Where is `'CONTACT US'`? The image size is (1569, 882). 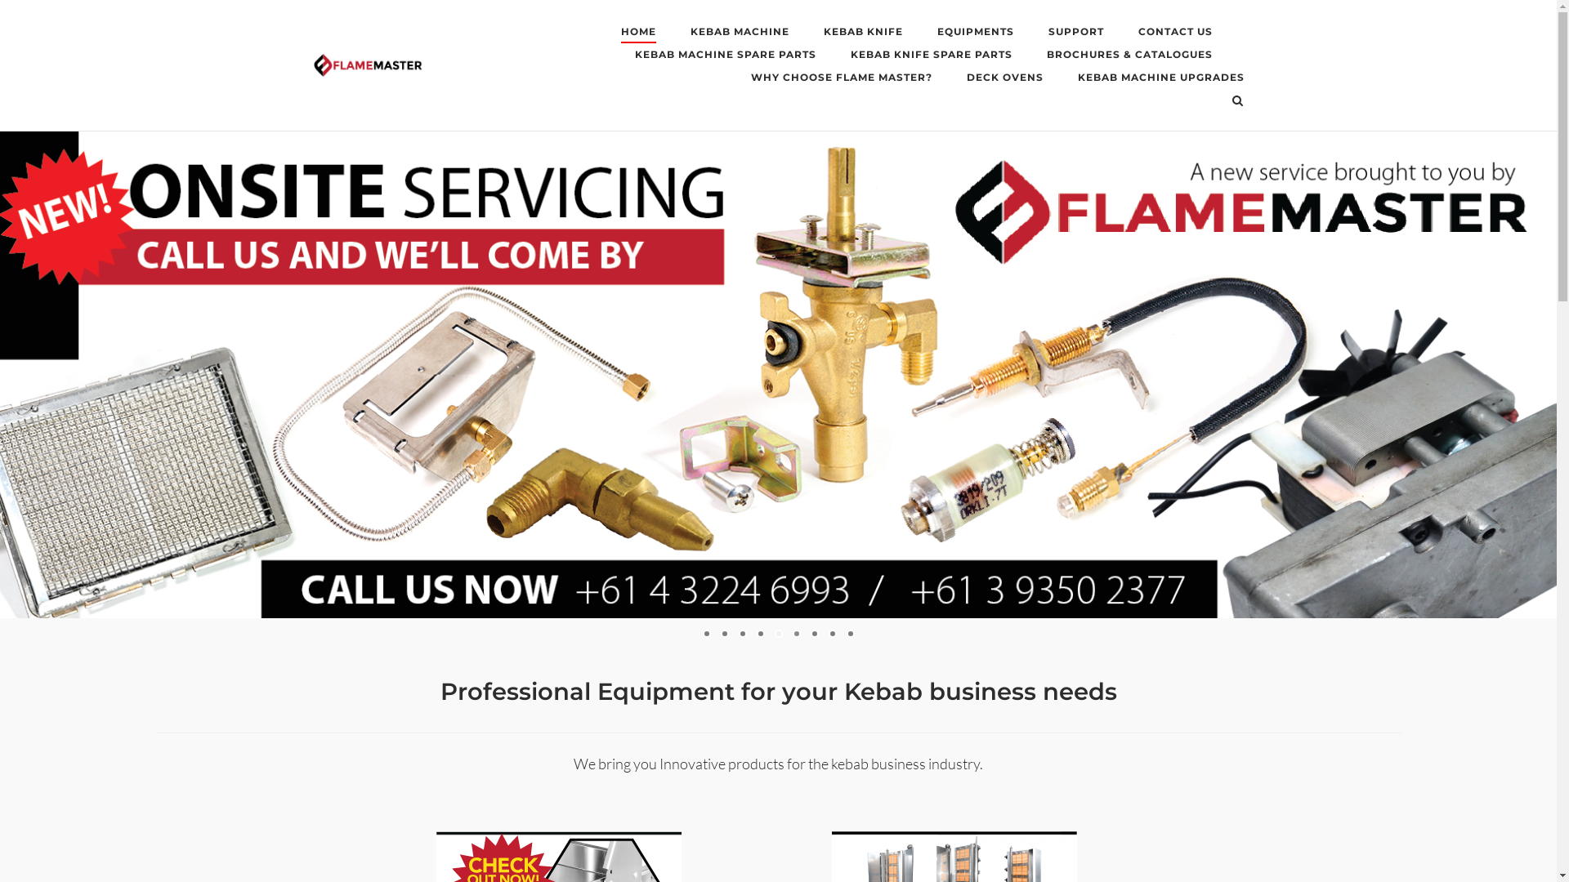 'CONTACT US' is located at coordinates (1173, 34).